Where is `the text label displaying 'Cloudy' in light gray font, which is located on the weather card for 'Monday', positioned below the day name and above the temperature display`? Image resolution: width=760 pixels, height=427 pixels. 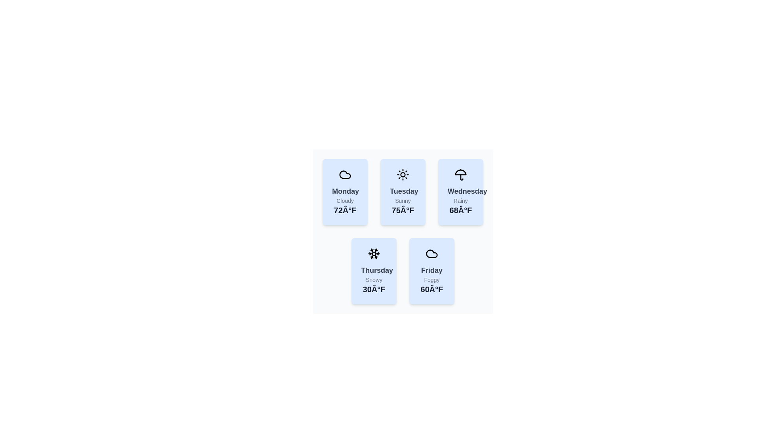
the text label displaying 'Cloudy' in light gray font, which is located on the weather card for 'Monday', positioned below the day name and above the temperature display is located at coordinates (345, 200).